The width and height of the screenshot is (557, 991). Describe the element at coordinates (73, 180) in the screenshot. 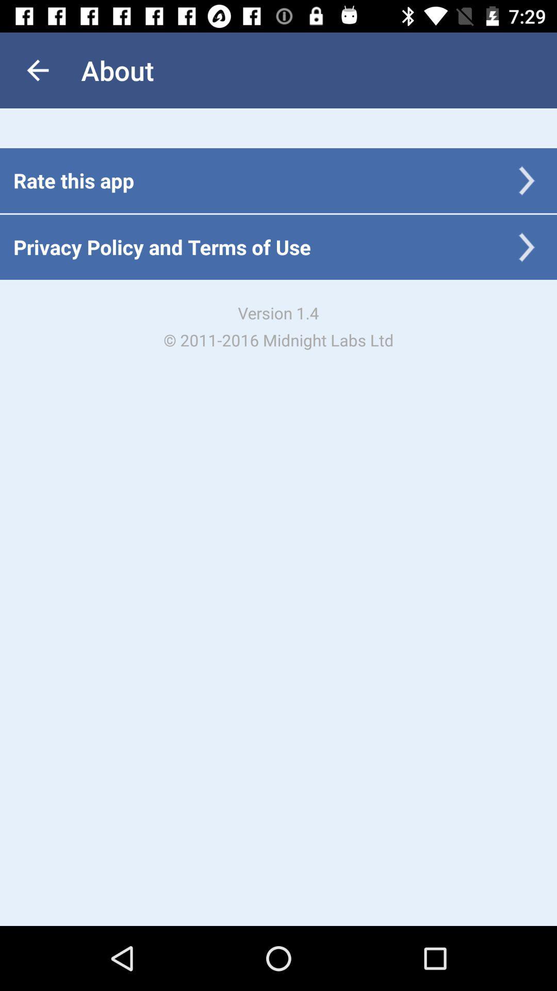

I see `the item above privacy policy and item` at that location.